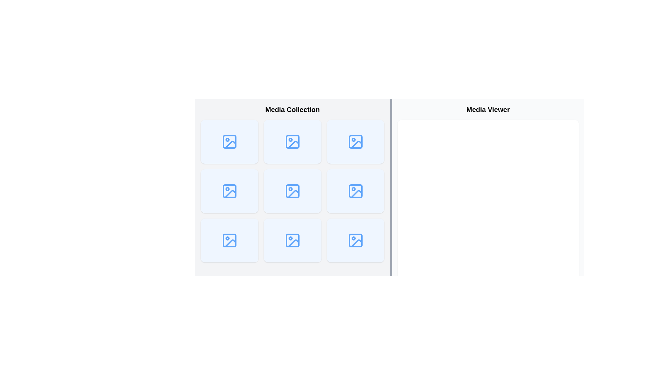 The image size is (658, 370). I want to click on the blue image icon located in the top-middle position of the 3x3 grid, so click(292, 141).